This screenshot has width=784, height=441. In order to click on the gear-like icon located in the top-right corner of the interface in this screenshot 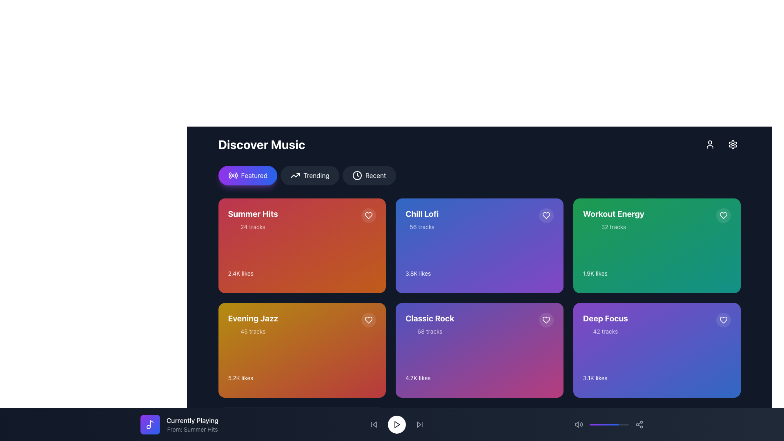, I will do `click(733, 144)`.